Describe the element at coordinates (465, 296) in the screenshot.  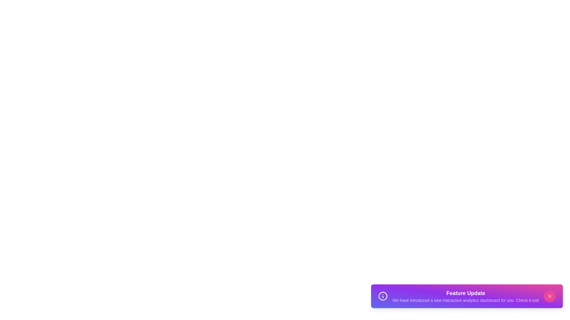
I see `the header text 'Feature Update' to select it` at that location.